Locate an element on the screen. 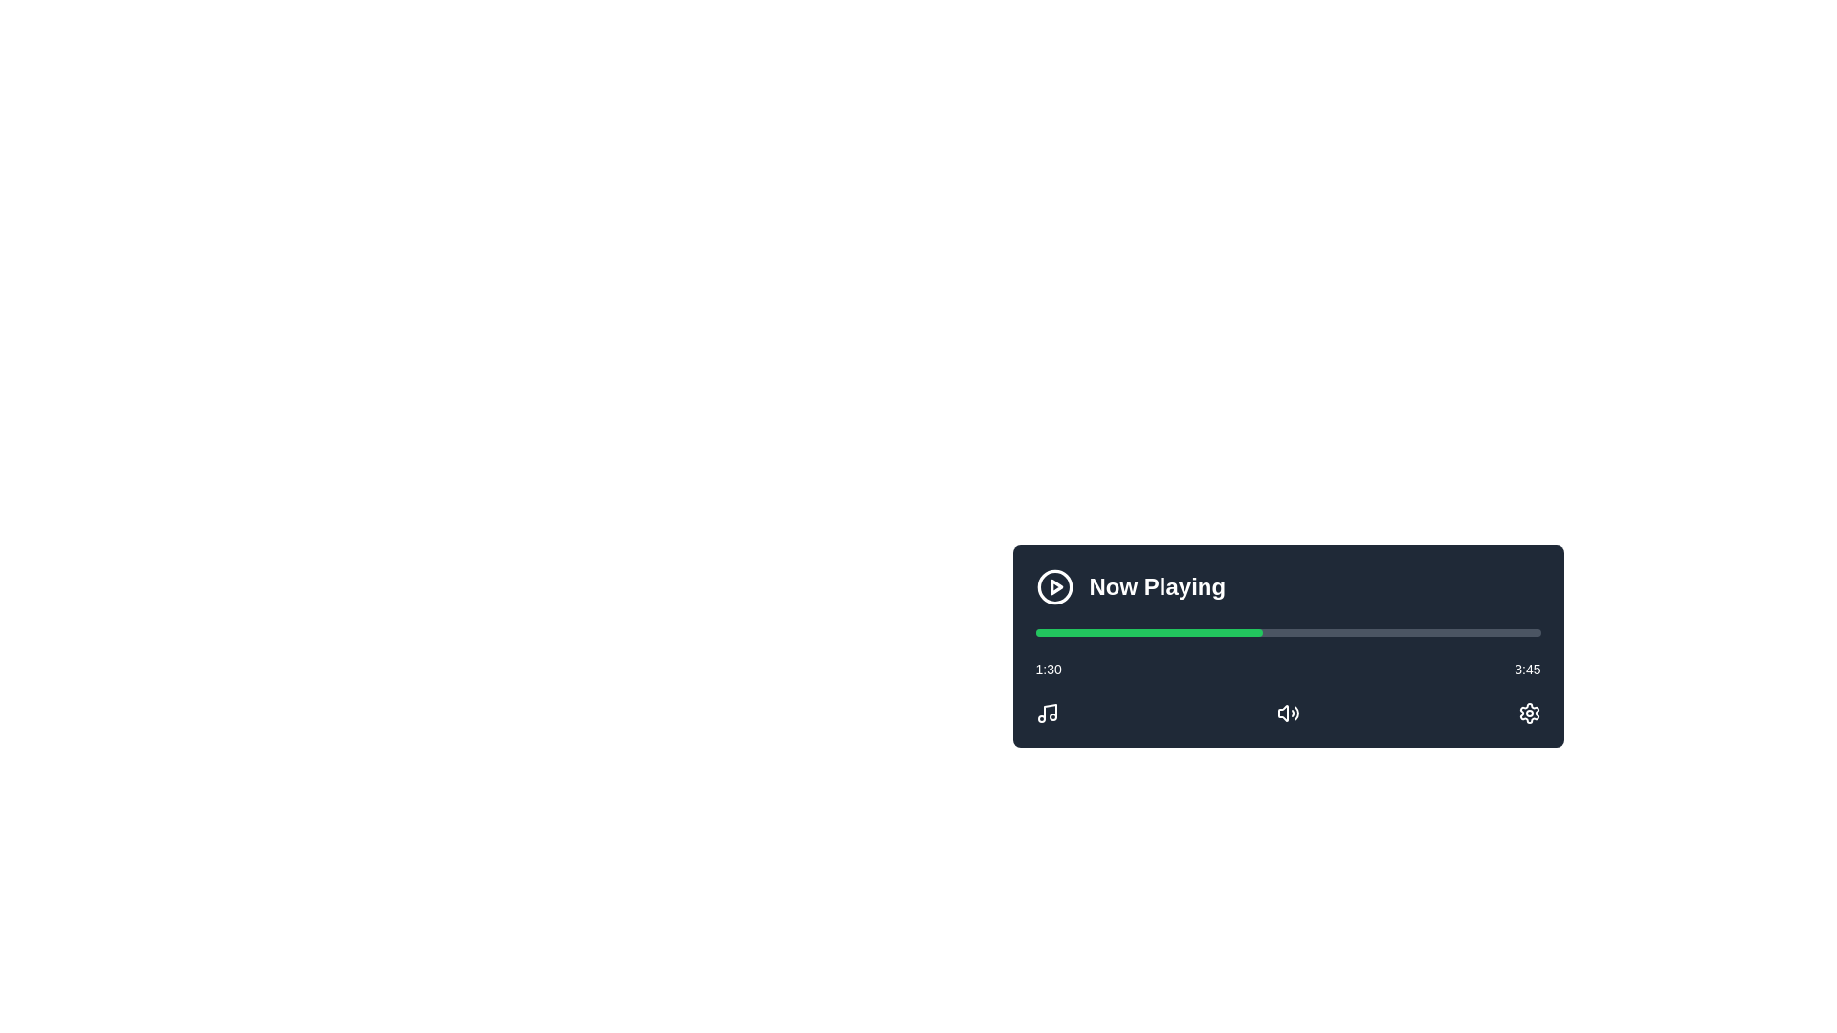 The image size is (1837, 1033). the circular boundary of the play icon located at the top-left corner of the 'Now Playing' card is located at coordinates (1053, 585).